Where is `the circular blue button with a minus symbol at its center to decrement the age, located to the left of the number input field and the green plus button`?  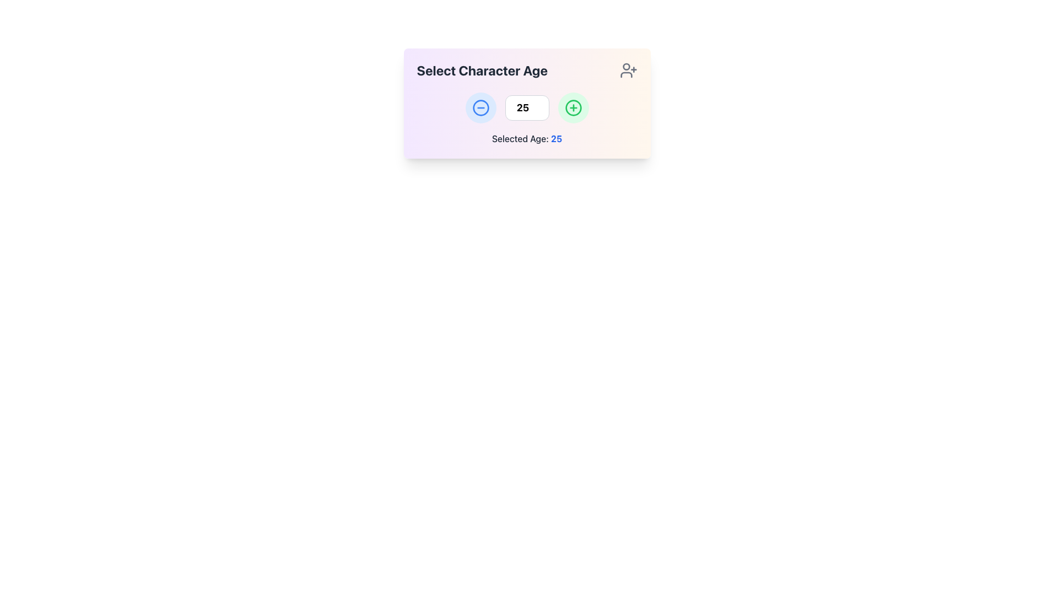 the circular blue button with a minus symbol at its center to decrement the age, located to the left of the number input field and the green plus button is located at coordinates (481, 108).